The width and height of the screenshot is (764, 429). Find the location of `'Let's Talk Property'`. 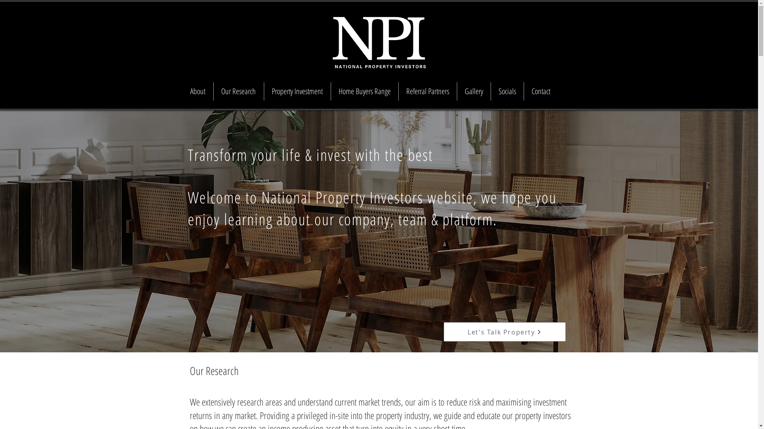

'Let's Talk Property' is located at coordinates (504, 332).